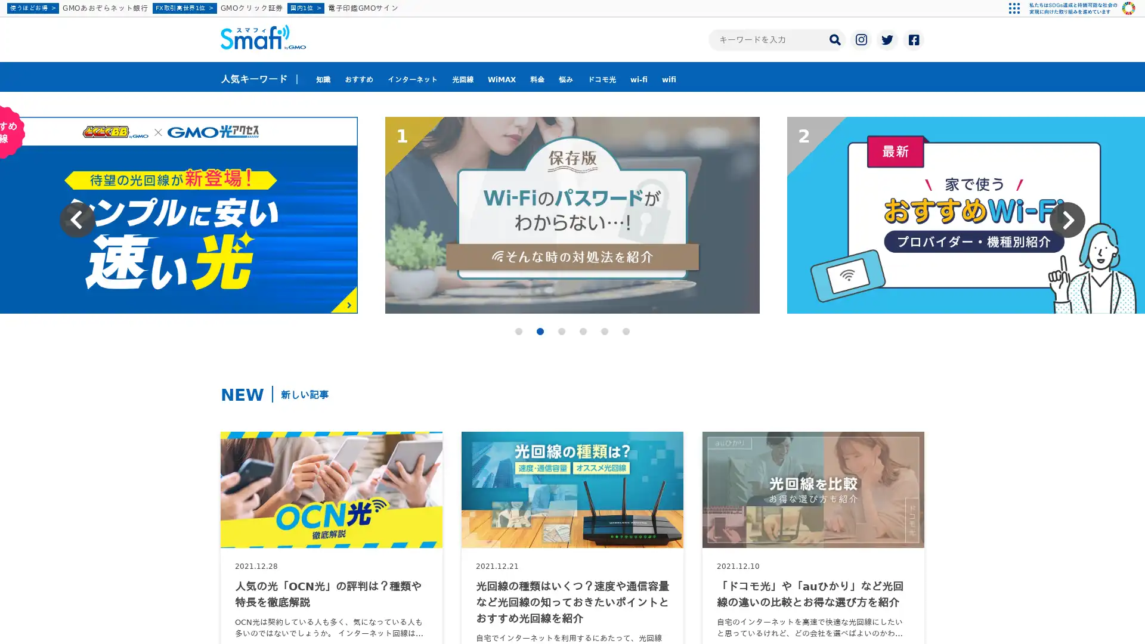 This screenshot has width=1145, height=644. What do you see at coordinates (834, 38) in the screenshot?
I see `search` at bounding box center [834, 38].